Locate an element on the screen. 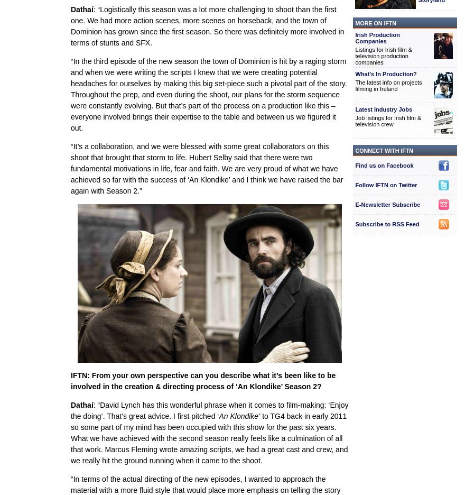  'Listings for Irish film & television production companies' is located at coordinates (384, 55).